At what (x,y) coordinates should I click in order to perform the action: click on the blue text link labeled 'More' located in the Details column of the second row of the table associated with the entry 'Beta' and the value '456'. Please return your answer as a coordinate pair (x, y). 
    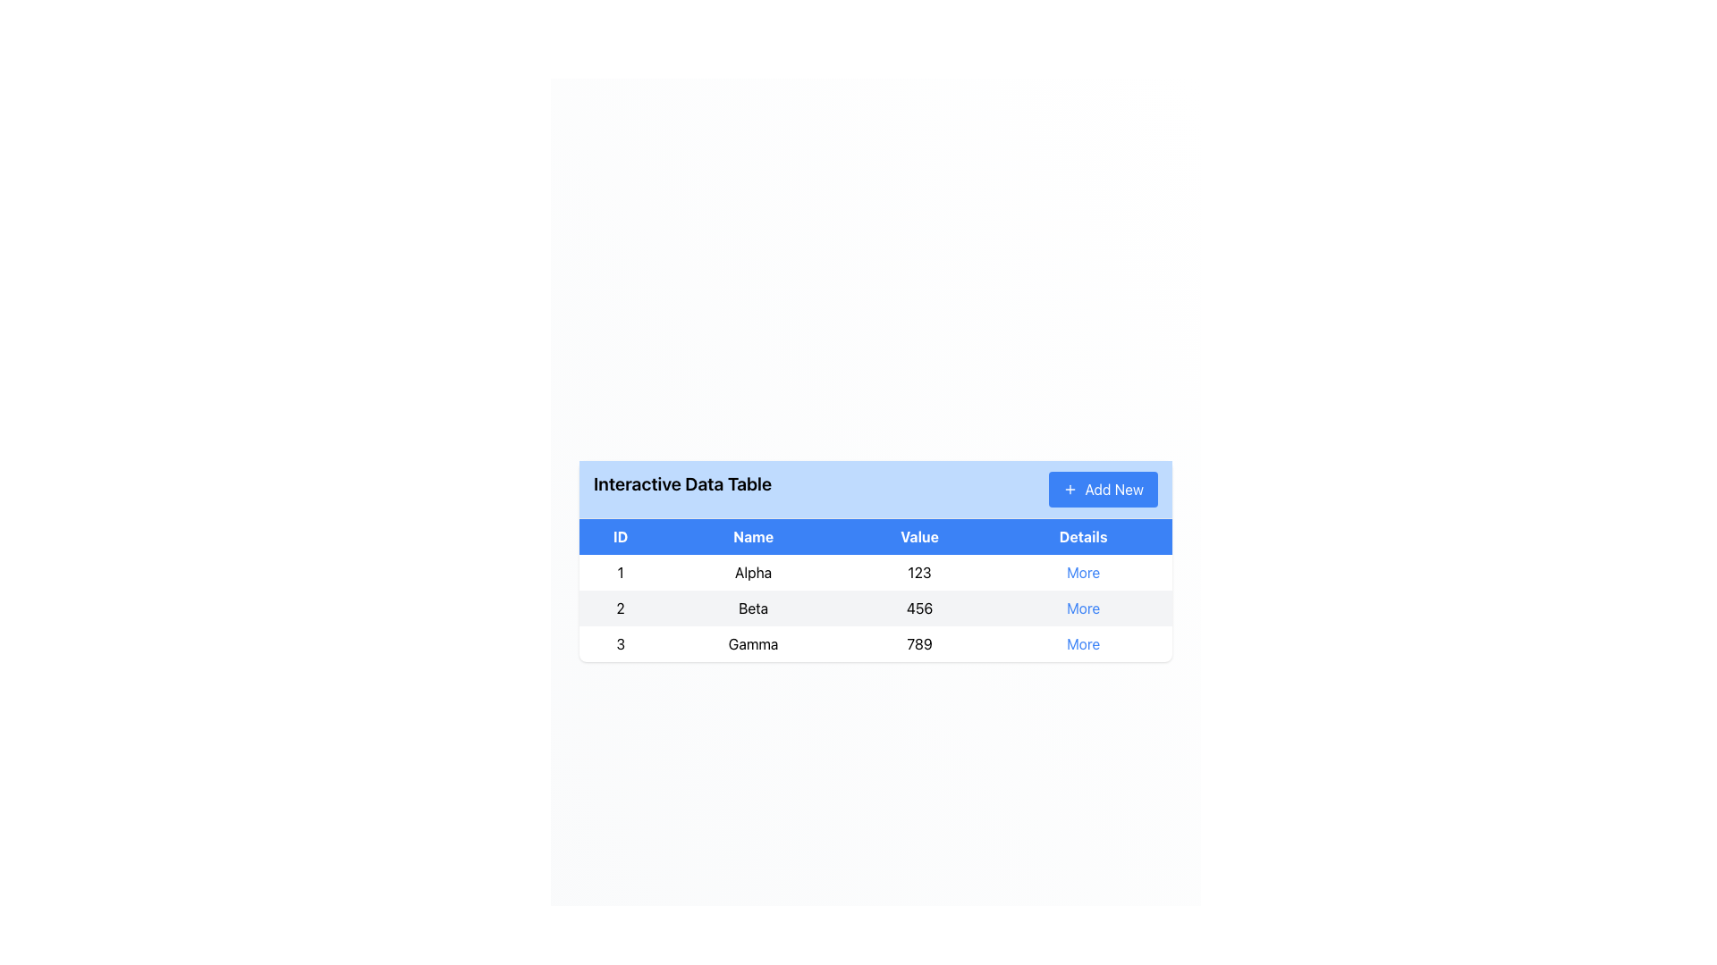
    Looking at the image, I should click on (1082, 607).